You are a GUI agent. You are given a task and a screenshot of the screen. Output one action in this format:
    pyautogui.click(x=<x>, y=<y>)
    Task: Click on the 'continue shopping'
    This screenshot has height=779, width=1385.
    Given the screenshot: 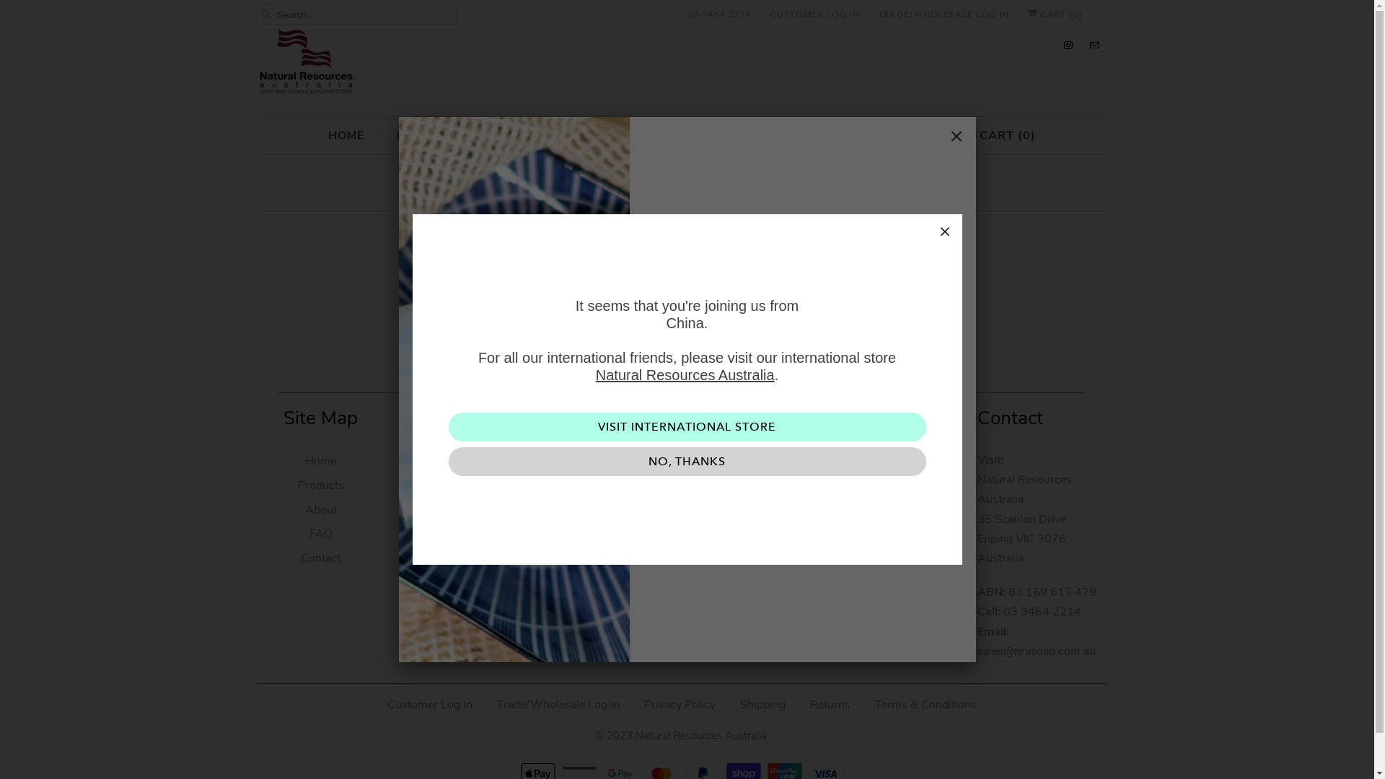 What is the action you would take?
    pyautogui.click(x=730, y=278)
    